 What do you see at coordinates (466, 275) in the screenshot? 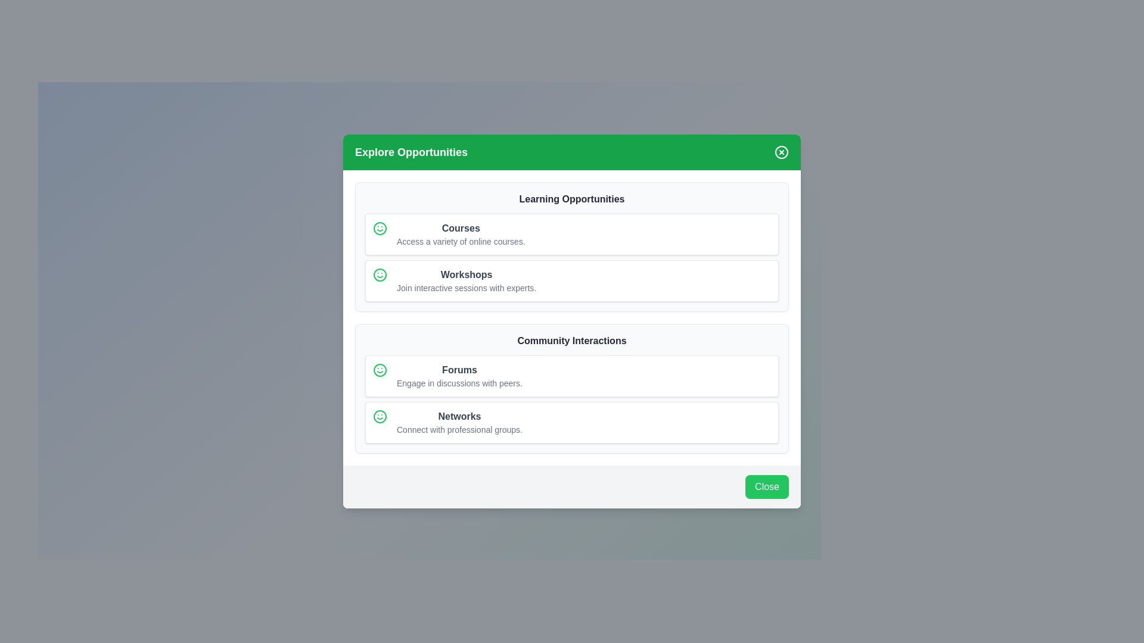
I see `the bold gray text label reading 'Workshops', which is centrally aligned and positioned above a descriptive line within the 'Learning Opportunities' card` at bounding box center [466, 275].